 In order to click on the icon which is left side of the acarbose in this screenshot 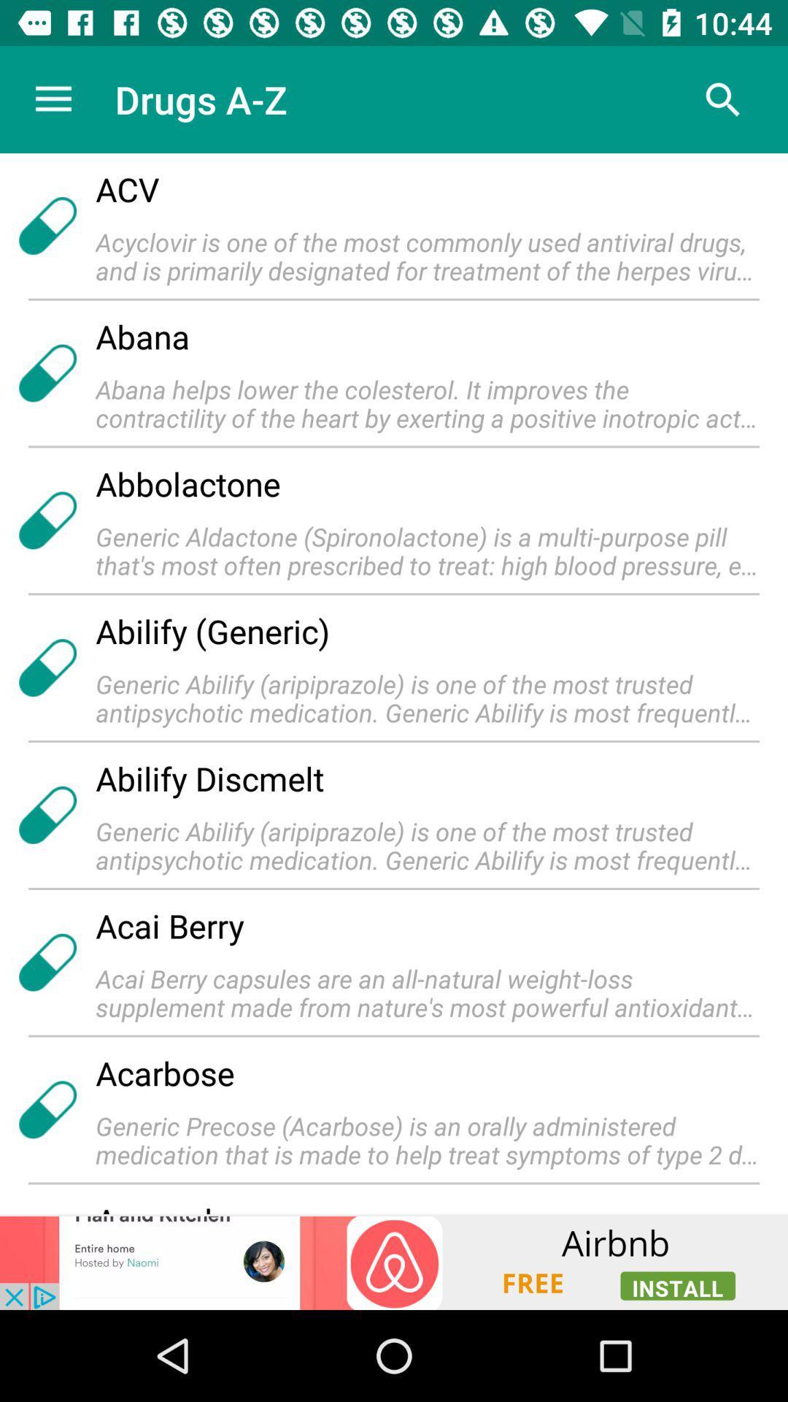, I will do `click(47, 1110)`.